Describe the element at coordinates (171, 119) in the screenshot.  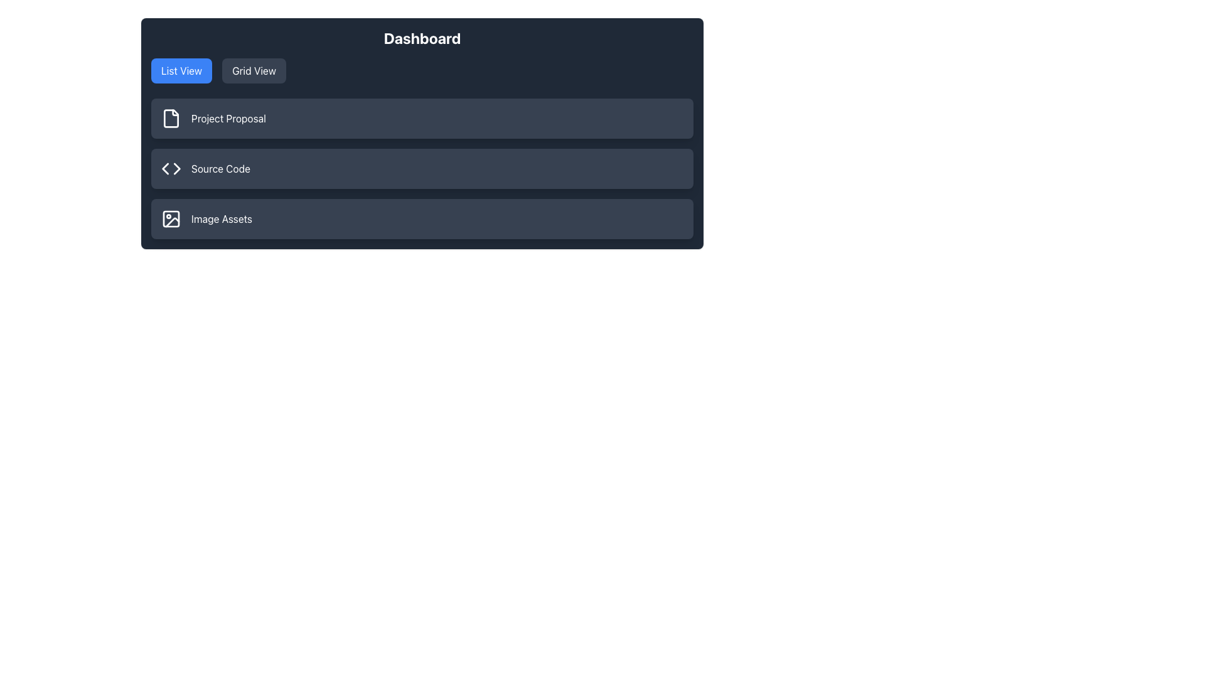
I see `the file/document icon representing the 'Project Proposal' item, which is located on the left side of the first row under the 'Dashboard' heading` at that location.